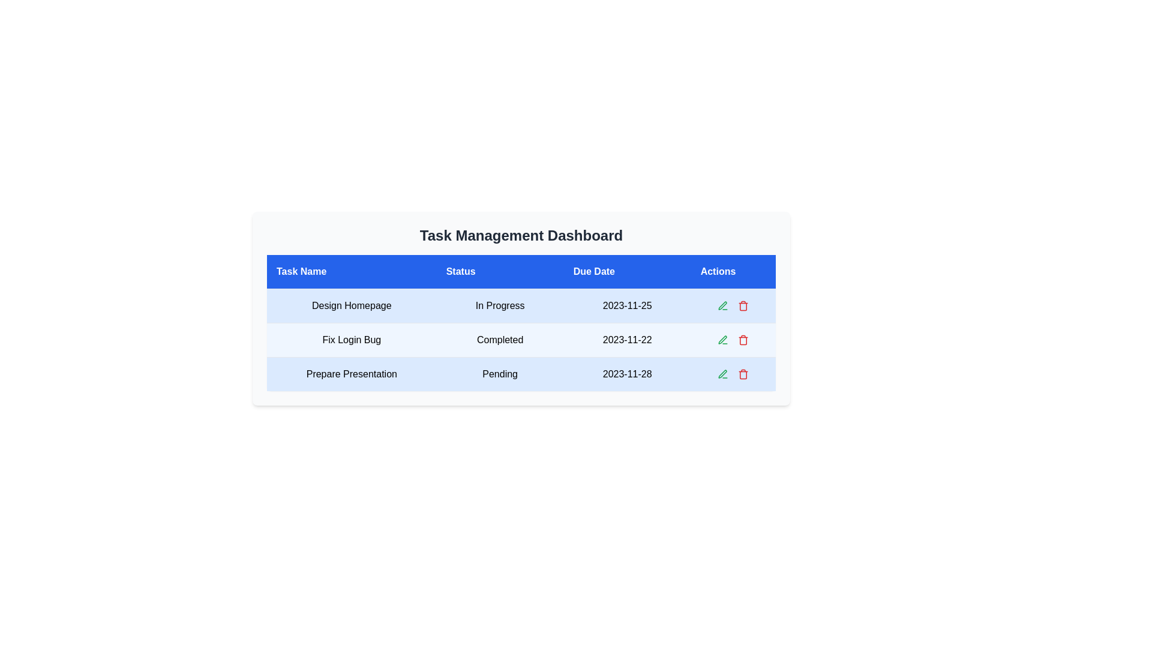  What do you see at coordinates (733, 305) in the screenshot?
I see `the action icons in the Actions group for the 'Design Homepage' task` at bounding box center [733, 305].